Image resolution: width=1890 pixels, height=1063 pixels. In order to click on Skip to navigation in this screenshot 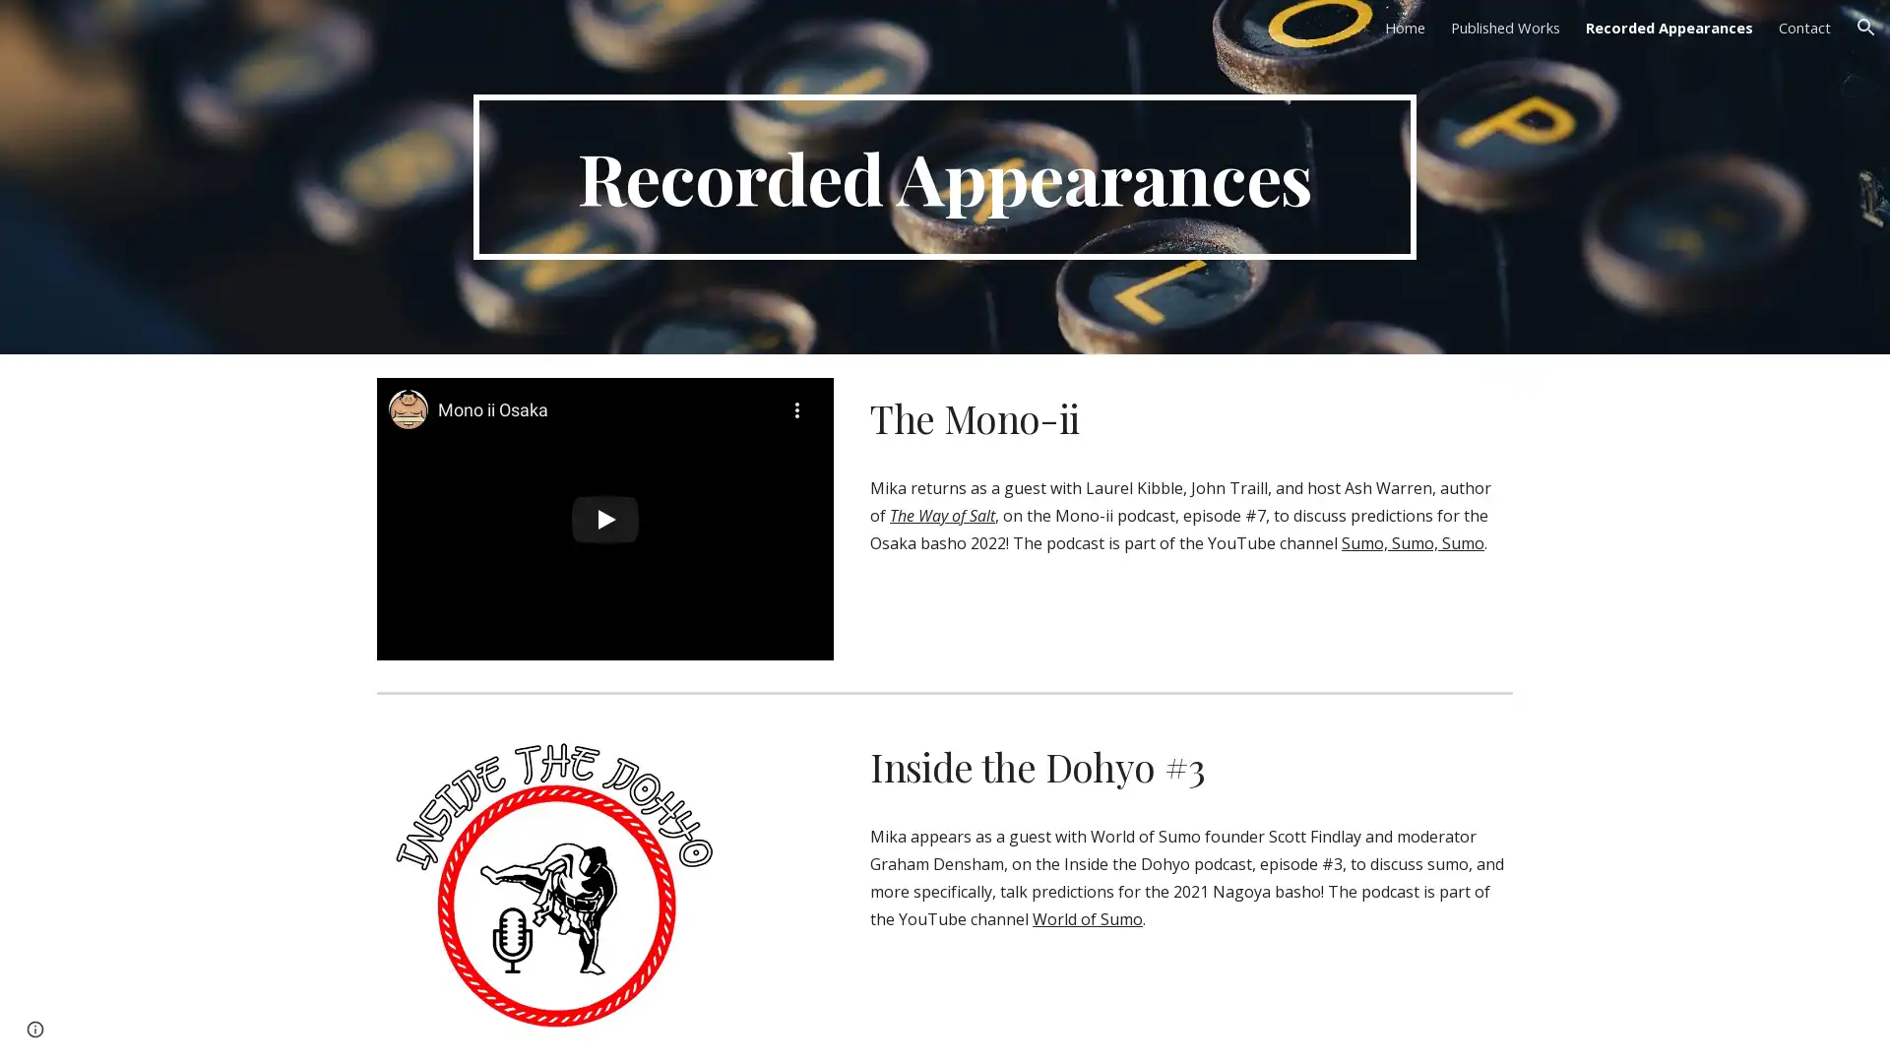, I will do `click(1121, 36)`.